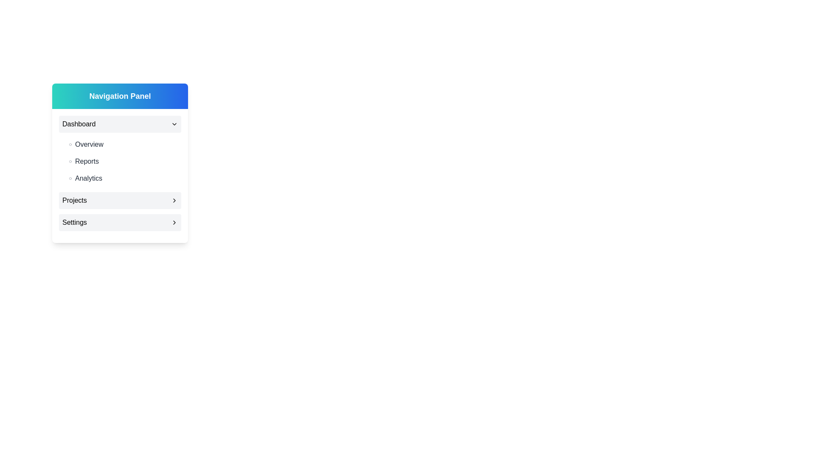  Describe the element at coordinates (174, 124) in the screenshot. I see `the Dropdown toggle icon, a down-arrow SVG vector graphic located in the 'Dashboard' section of the navigation panel` at that location.